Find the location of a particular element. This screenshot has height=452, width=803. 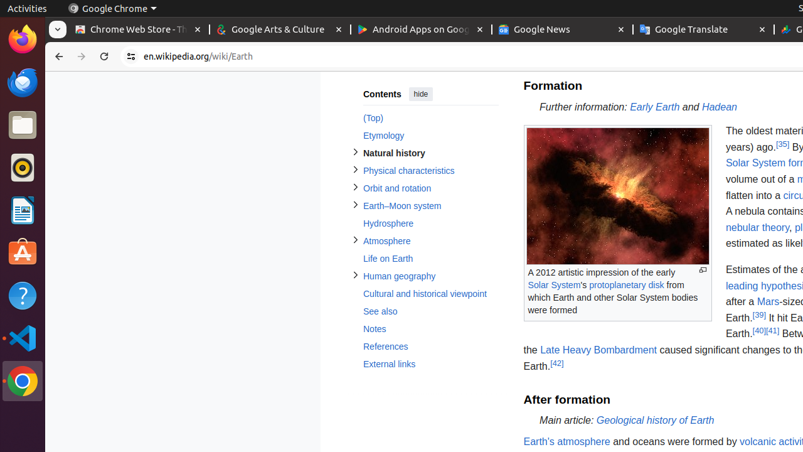

'Toggle Earth–Moon system subsection' is located at coordinates (354, 204).